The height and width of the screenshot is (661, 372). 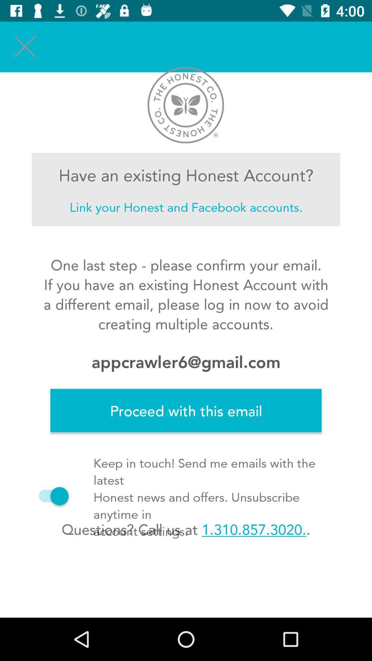 I want to click on the icon next to the keep in touch item, so click(x=50, y=496).